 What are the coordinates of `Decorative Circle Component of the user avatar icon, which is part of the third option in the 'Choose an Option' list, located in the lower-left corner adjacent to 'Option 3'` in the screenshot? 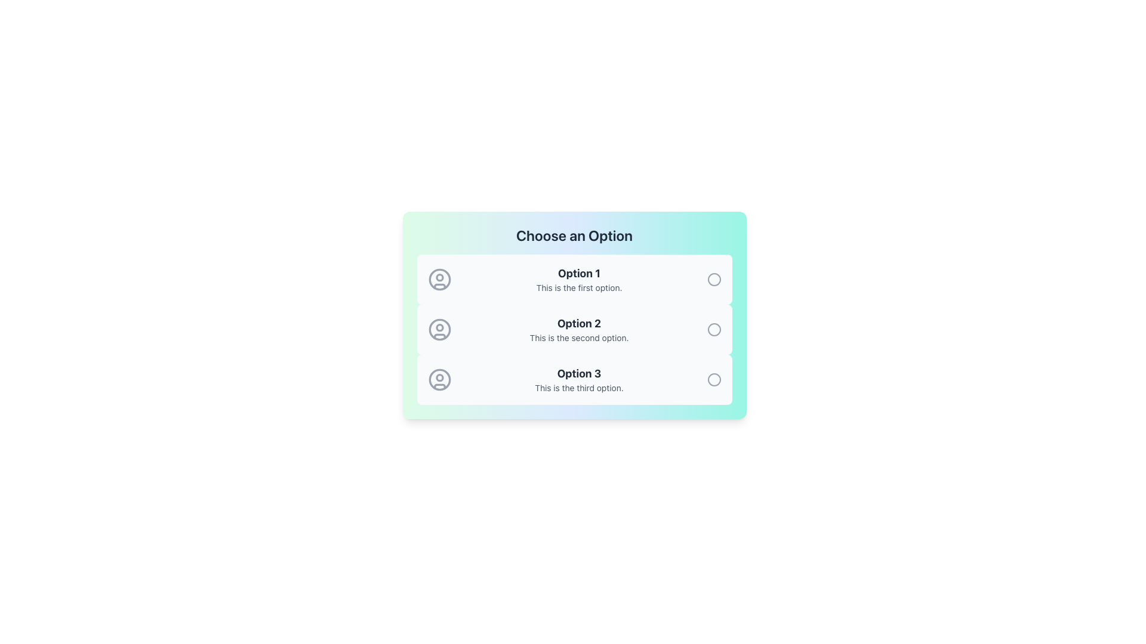 It's located at (439, 377).